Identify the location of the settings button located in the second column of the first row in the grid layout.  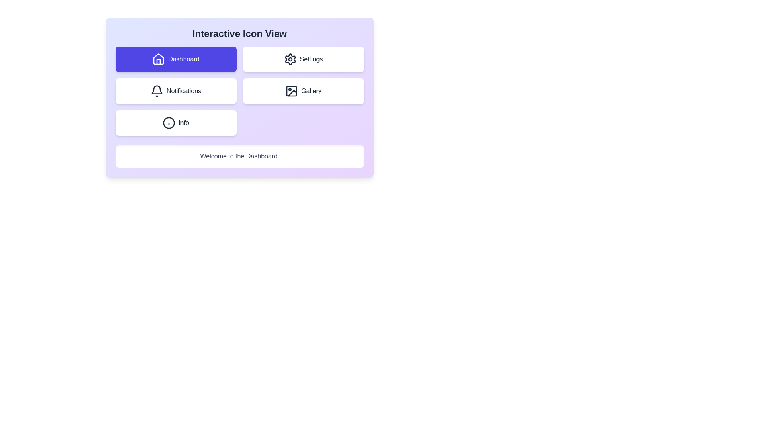
(303, 59).